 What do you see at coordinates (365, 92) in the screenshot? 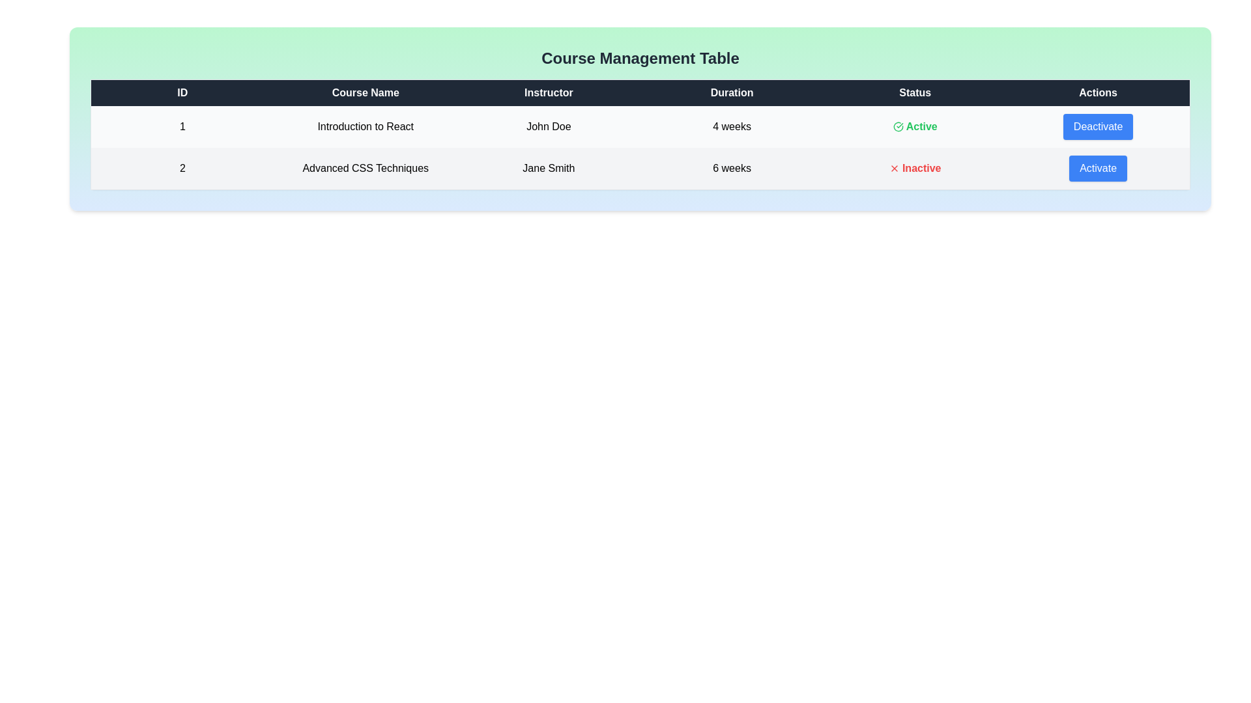
I see `the table header cell that labels the column for course names, located between the 'ID' and 'Instructor' headers` at bounding box center [365, 92].